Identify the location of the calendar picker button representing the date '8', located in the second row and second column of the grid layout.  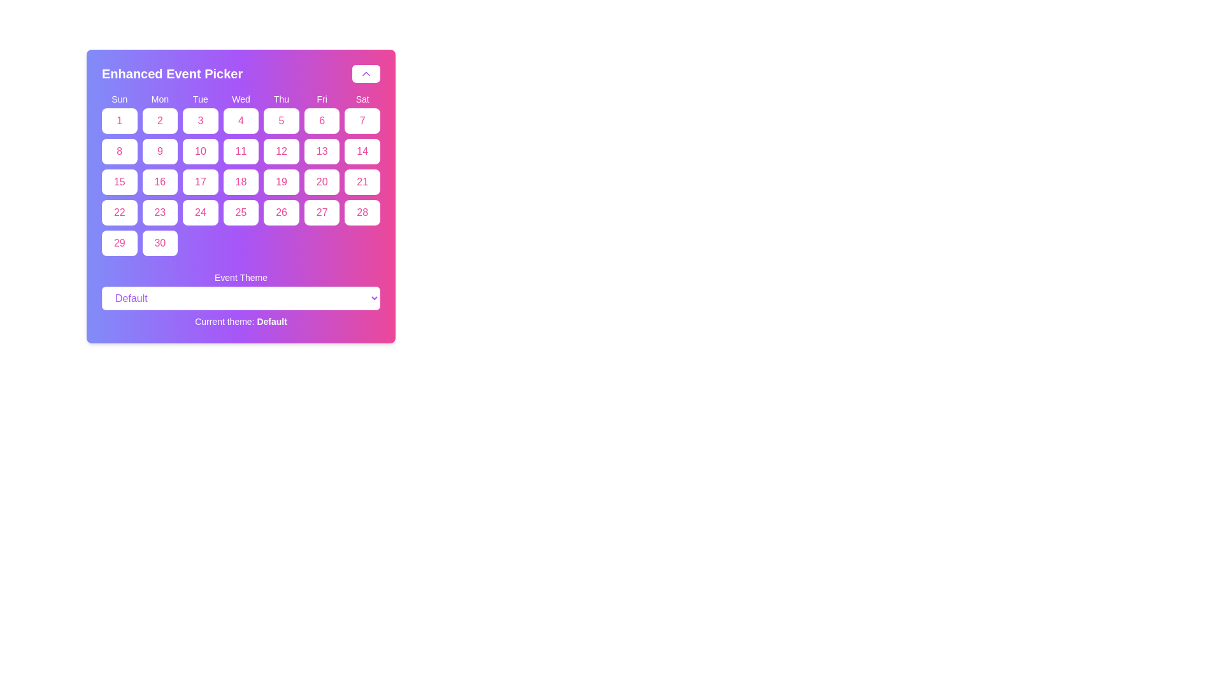
(119, 151).